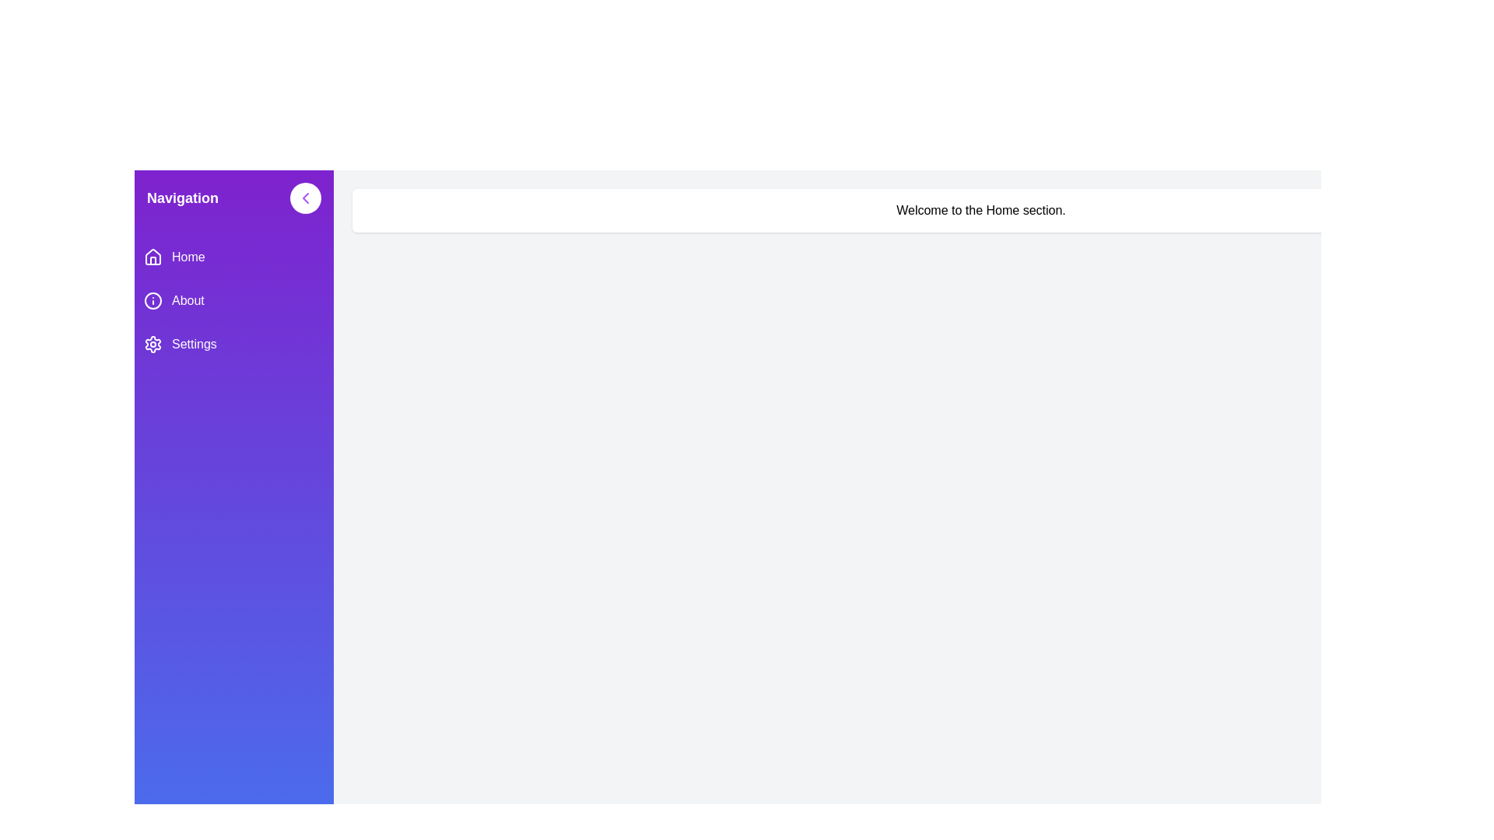  I want to click on the cogwheel-shaped icon in the navigation menu, which is purple with a white central circle and is located beside the text 'Settings', so click(153, 344).